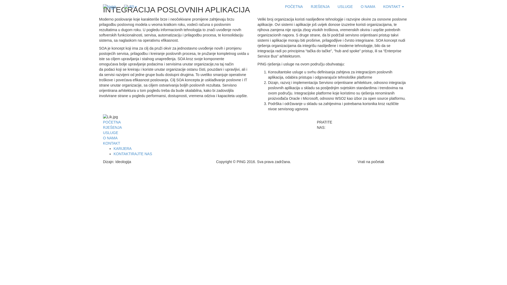  What do you see at coordinates (110, 138) in the screenshot?
I see `'O NAMA'` at bounding box center [110, 138].